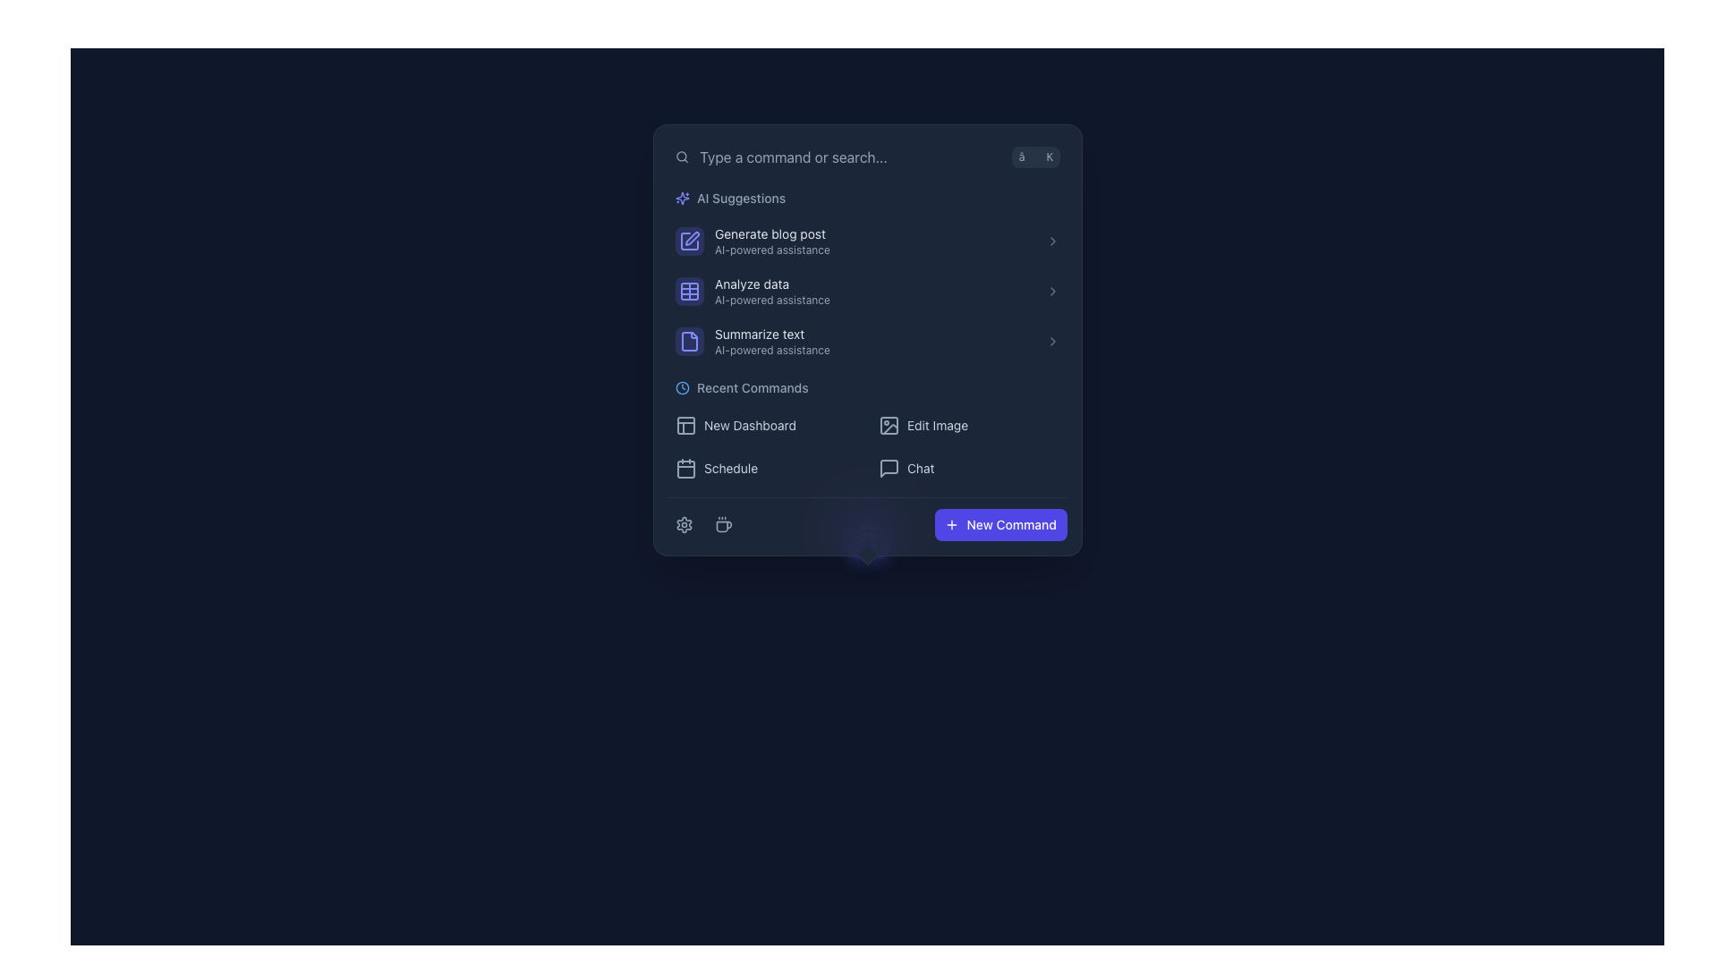 The image size is (1718, 966). What do you see at coordinates (889, 468) in the screenshot?
I see `the slate-gray speech bubble icon located to the left of the 'Chat' text in the menu` at bounding box center [889, 468].